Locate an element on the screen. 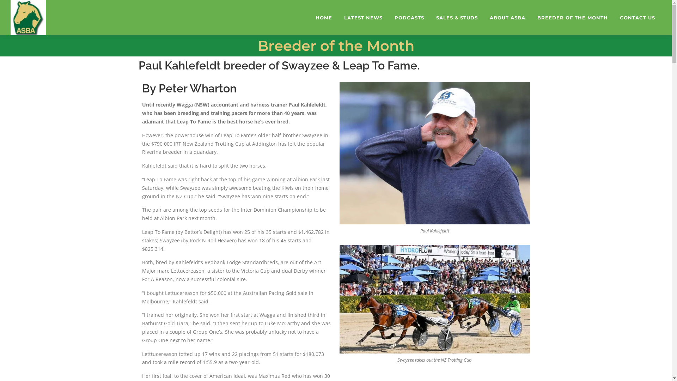 This screenshot has width=677, height=381. 'BREEDER OF THE MONTH' is located at coordinates (531, 17).